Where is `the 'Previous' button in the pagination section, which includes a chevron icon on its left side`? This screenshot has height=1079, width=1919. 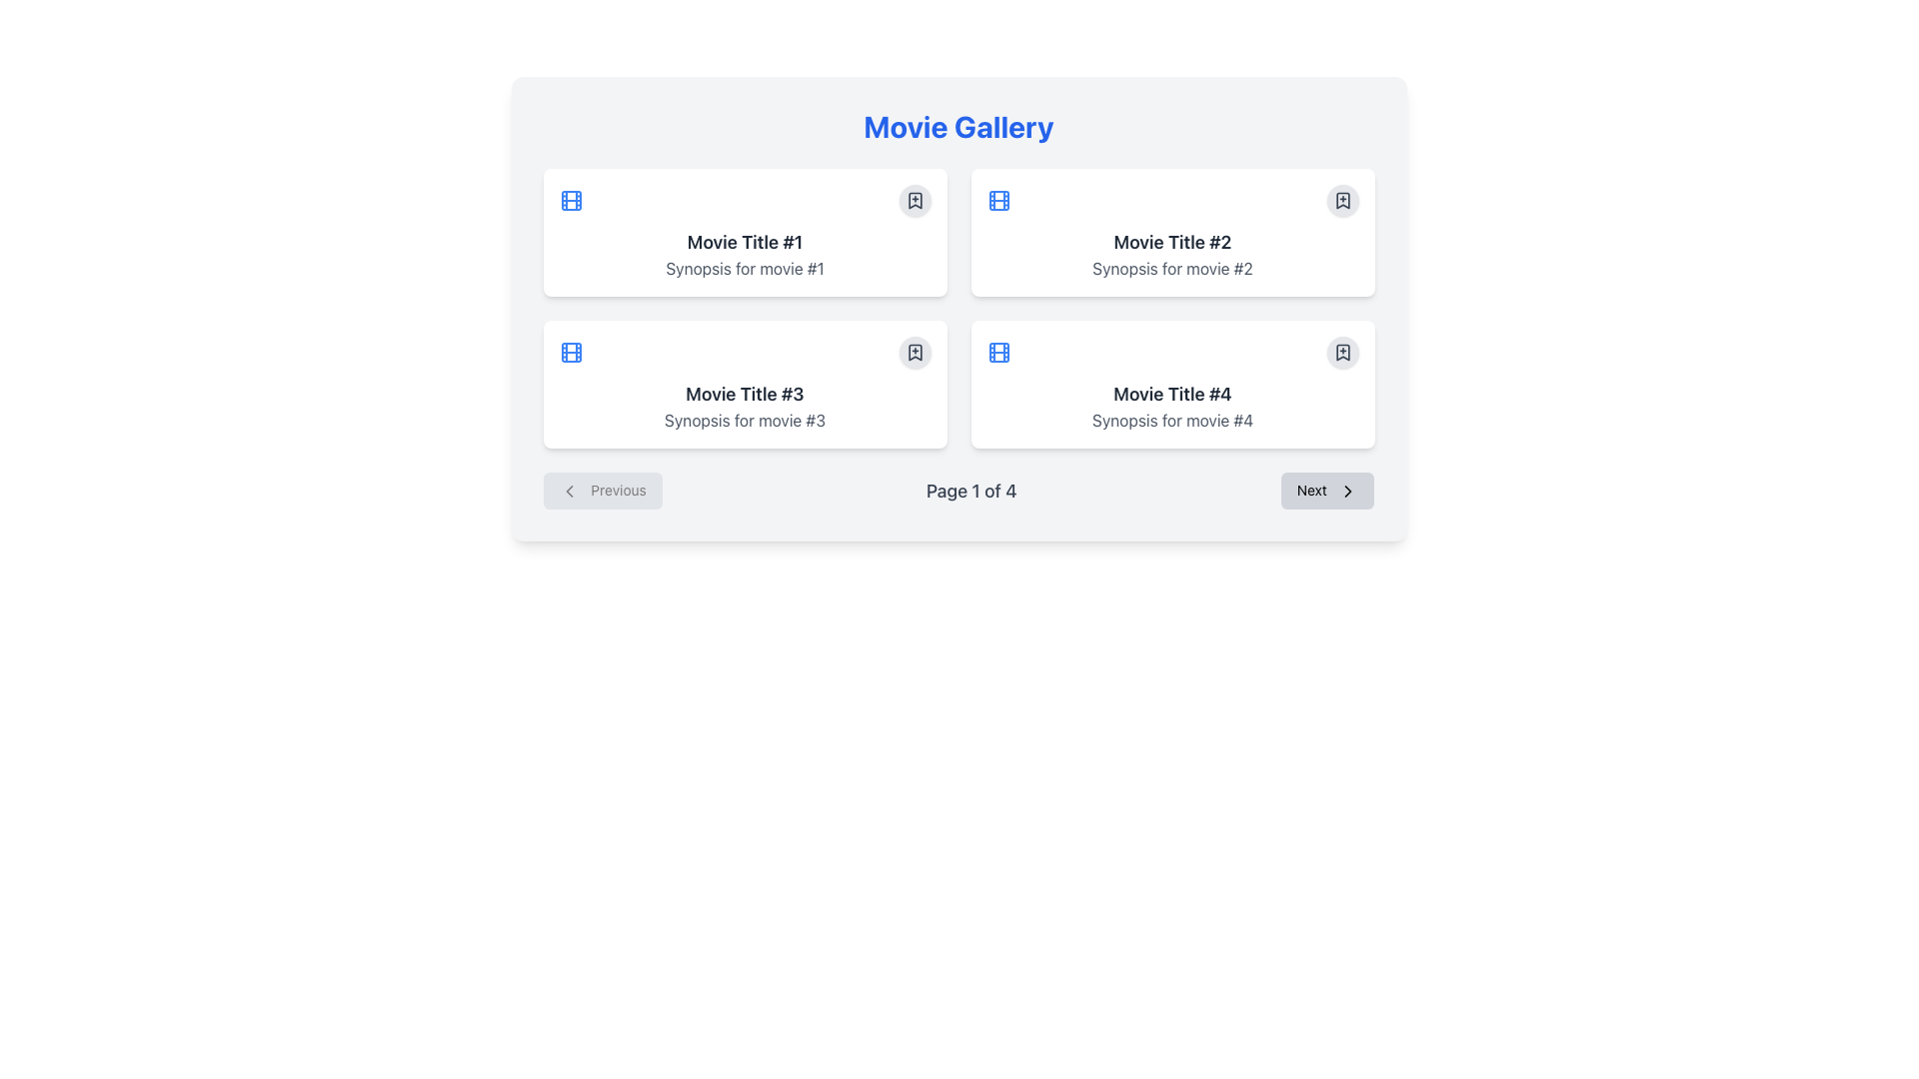
the 'Previous' button in the pagination section, which includes a chevron icon on its left side is located at coordinates (568, 492).